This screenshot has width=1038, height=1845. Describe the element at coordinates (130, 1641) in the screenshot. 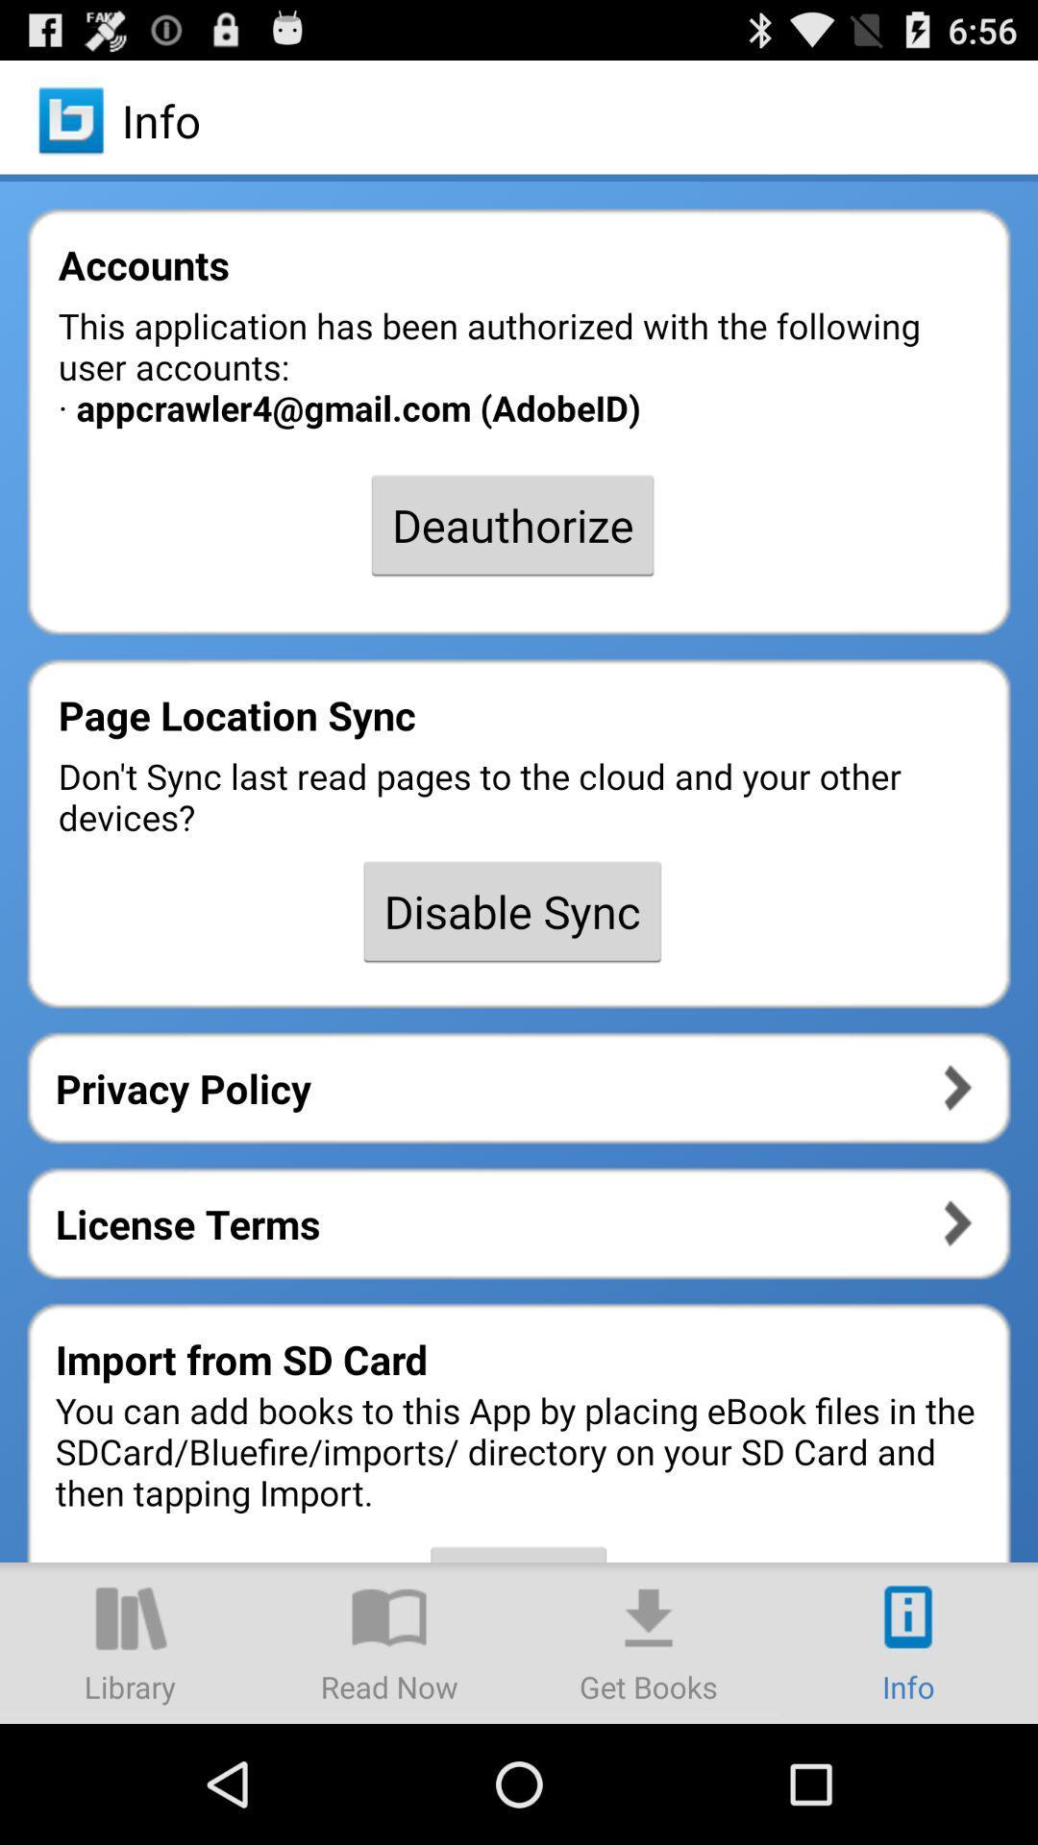

I see `item below the you can add item` at that location.